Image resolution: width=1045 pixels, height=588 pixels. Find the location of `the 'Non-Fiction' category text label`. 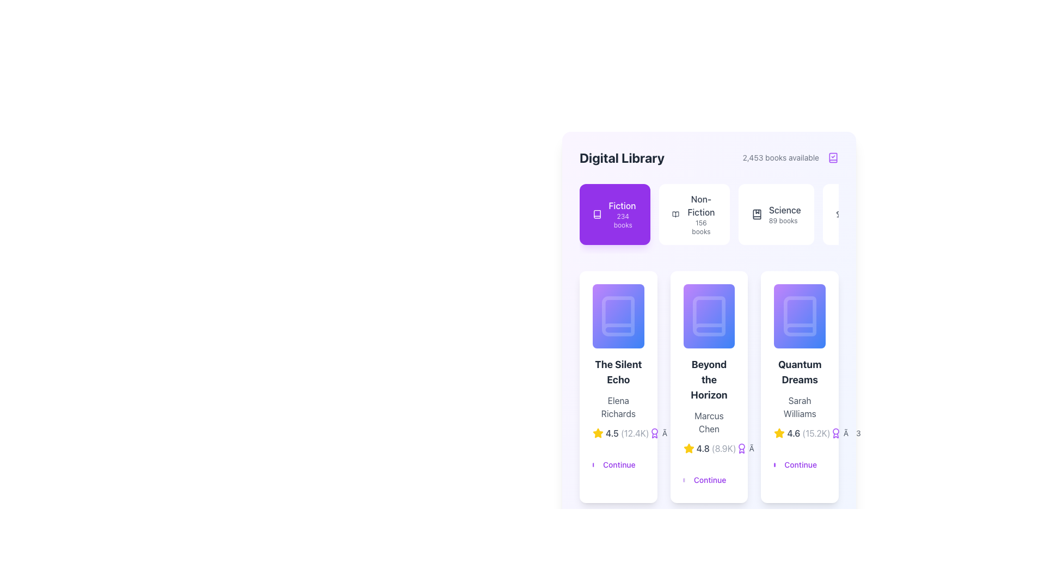

the 'Non-Fiction' category text label is located at coordinates (701, 214).